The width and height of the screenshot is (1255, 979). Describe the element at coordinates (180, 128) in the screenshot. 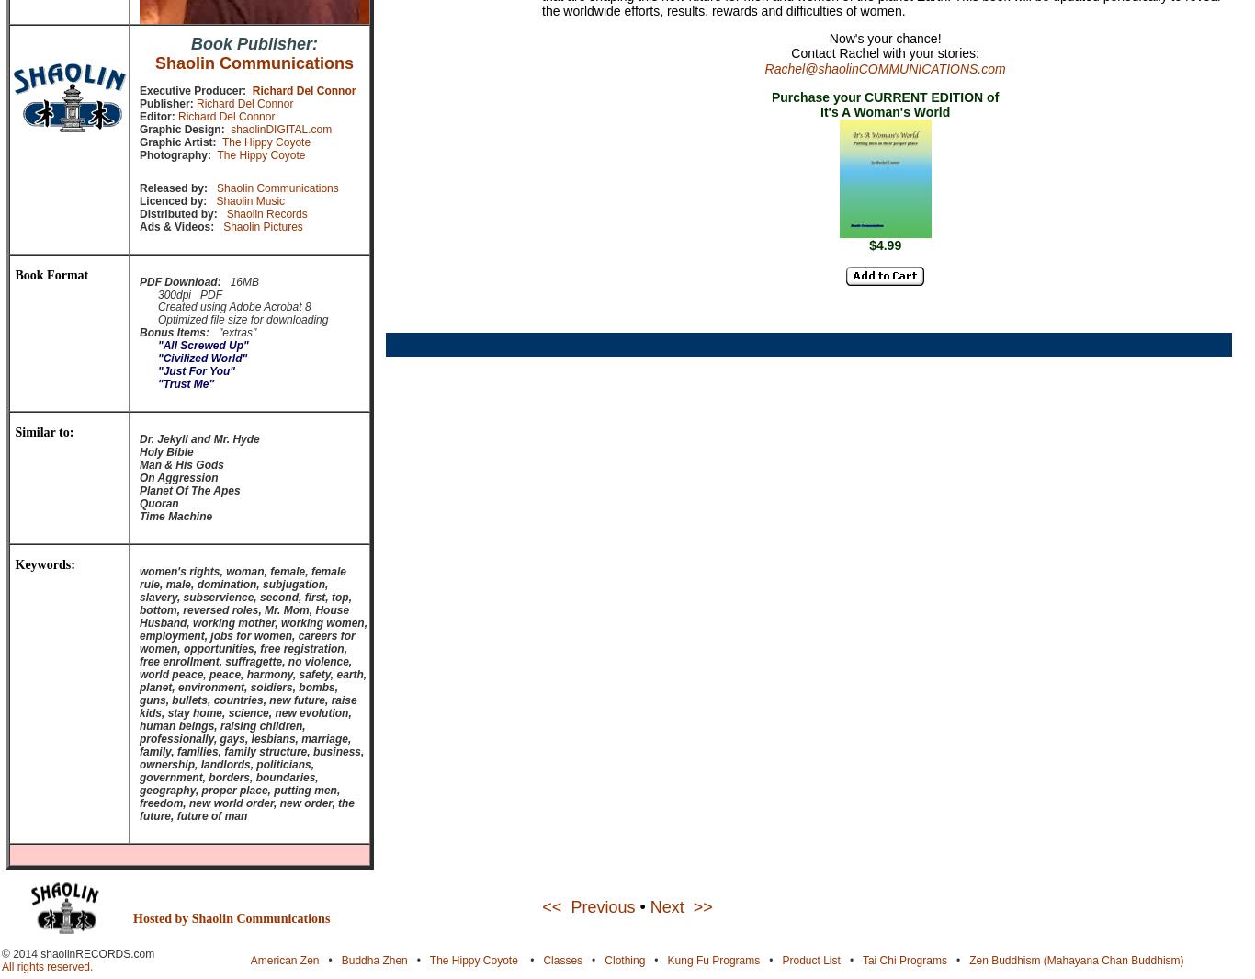

I see `'Graphic Design:'` at that location.